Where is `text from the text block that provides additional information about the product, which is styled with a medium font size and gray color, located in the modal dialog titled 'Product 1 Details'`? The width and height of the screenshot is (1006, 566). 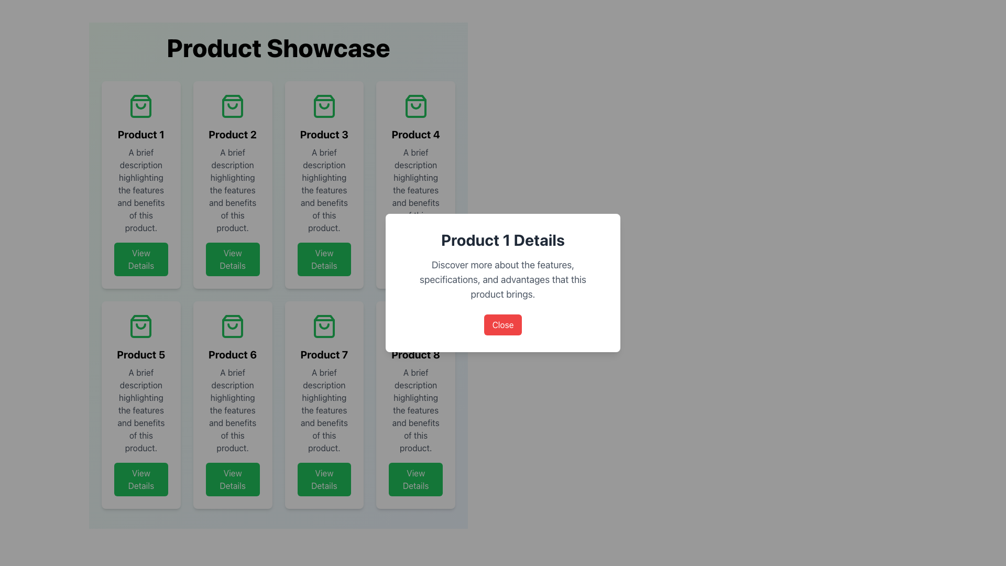
text from the text block that provides additional information about the product, which is styled with a medium font size and gray color, located in the modal dialog titled 'Product 1 Details' is located at coordinates (503, 279).